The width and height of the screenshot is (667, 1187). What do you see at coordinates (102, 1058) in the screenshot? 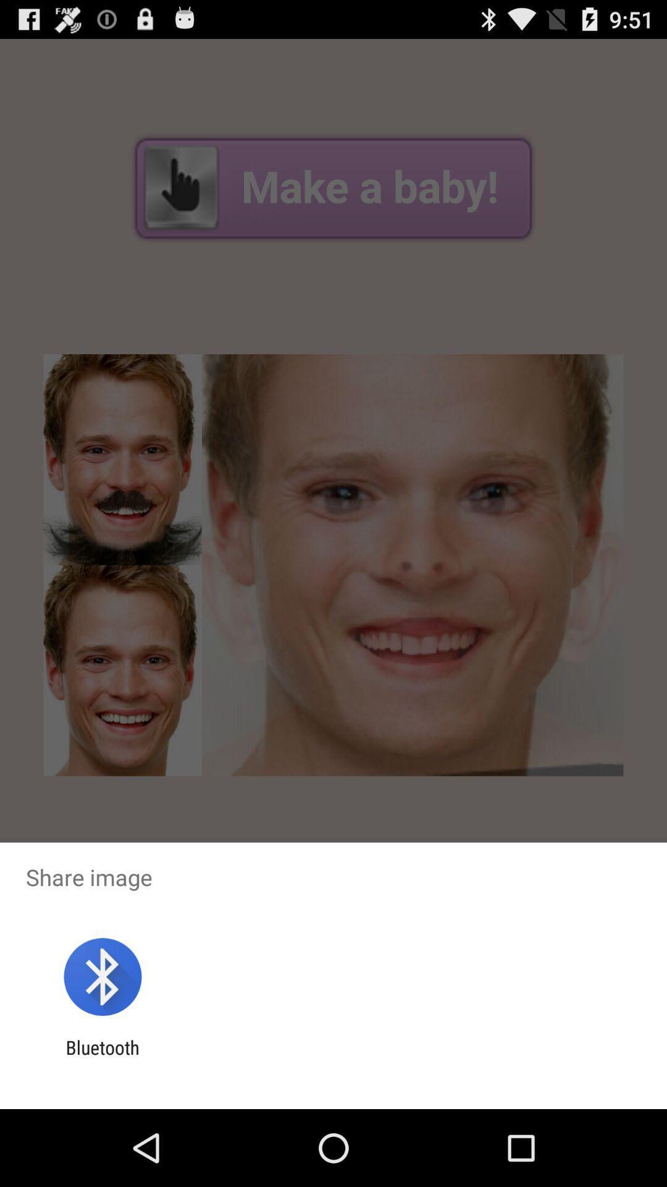
I see `the bluetooth item` at bounding box center [102, 1058].